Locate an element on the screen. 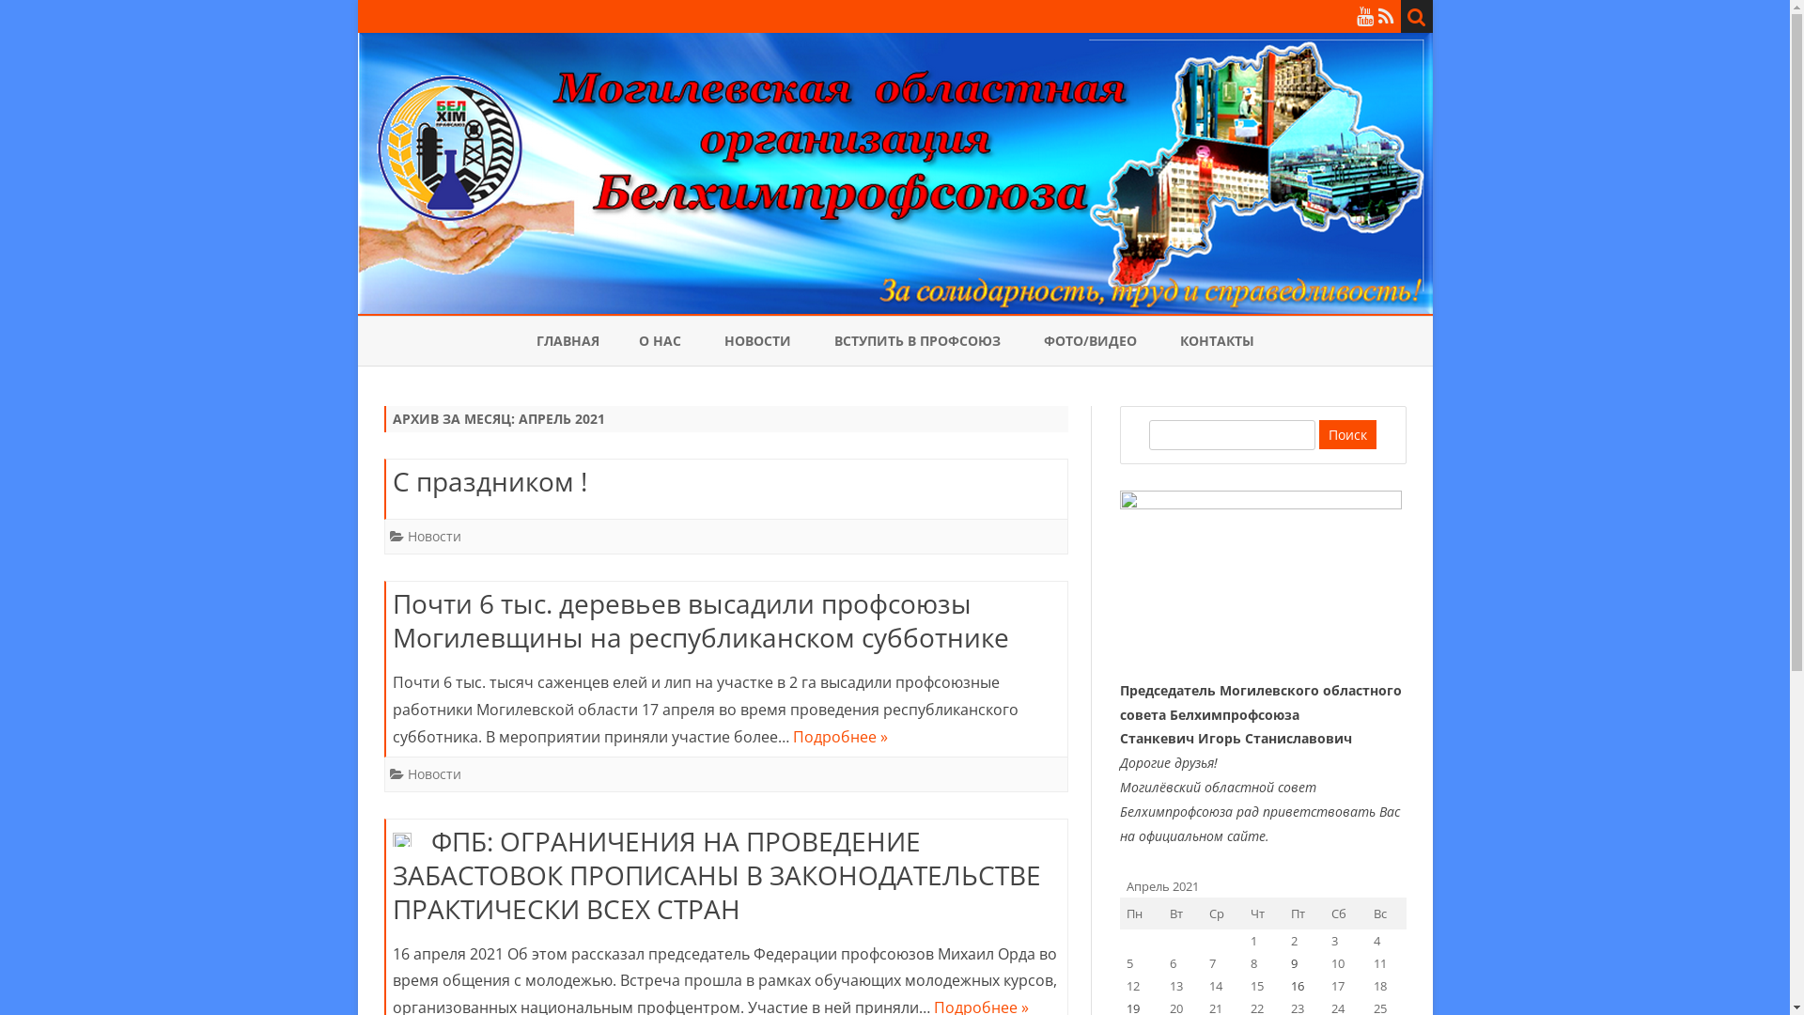 This screenshot has width=1804, height=1015. 'RSS' is located at coordinates (1385, 15).